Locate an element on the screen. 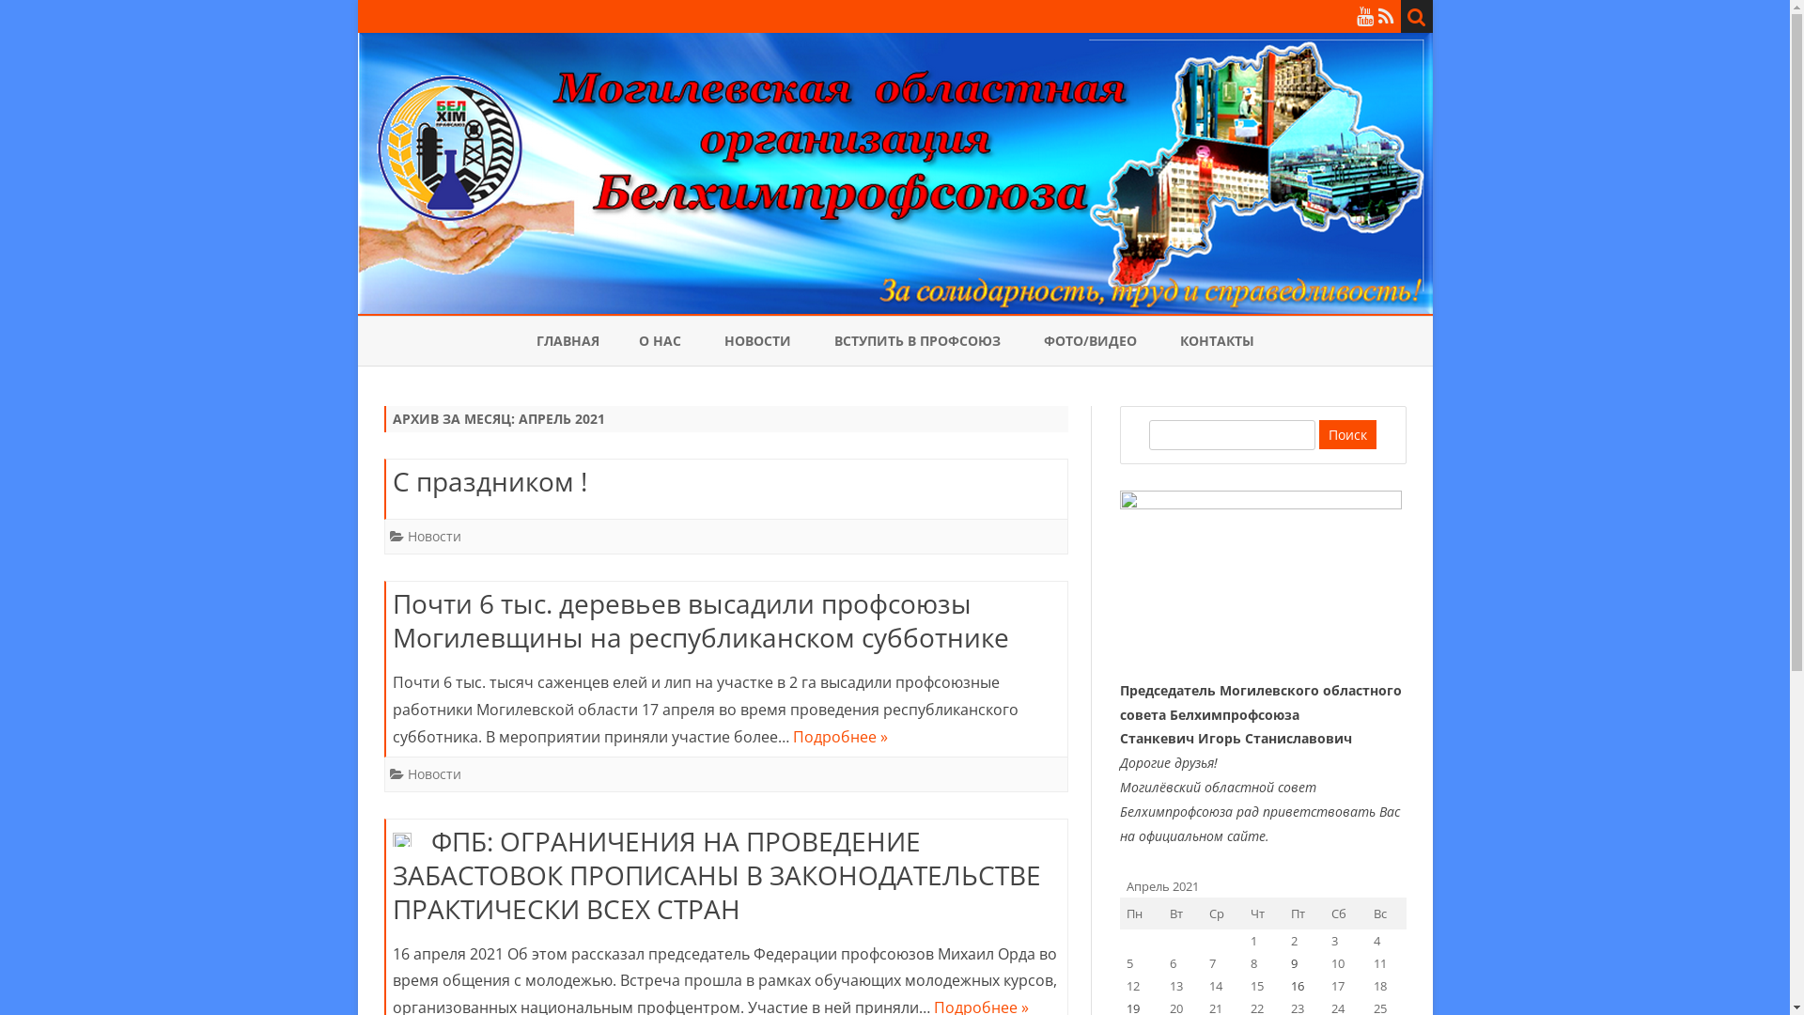 This screenshot has width=1804, height=1015. 'RSS' is located at coordinates (1385, 15).